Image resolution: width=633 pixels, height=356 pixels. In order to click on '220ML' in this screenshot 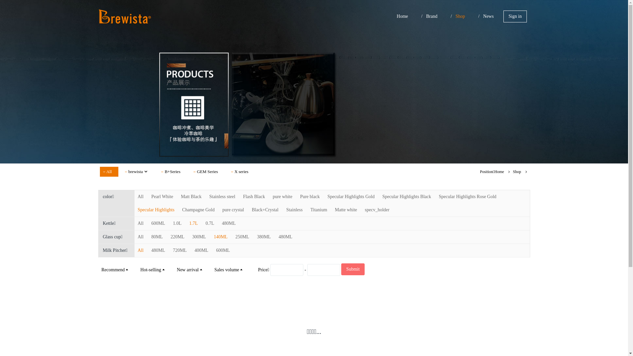, I will do `click(167, 236)`.